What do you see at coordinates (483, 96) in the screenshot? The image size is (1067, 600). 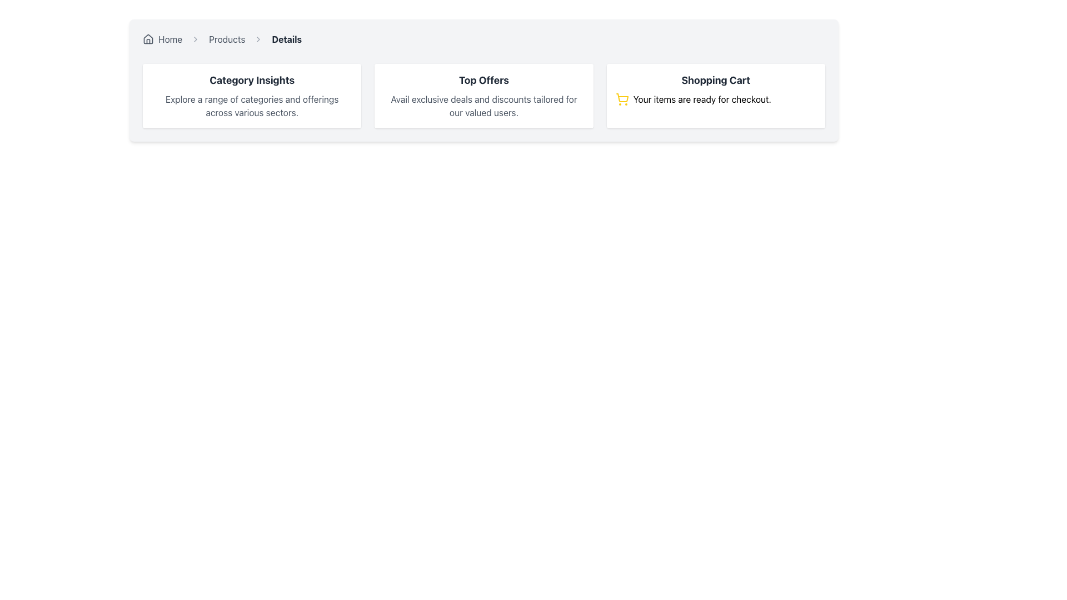 I see `the 'Top Offers' informational card element, which has a white background, rounded corners, and displays the text 'Top Offers' at the top and 'Avail exclusive deals and discounts tailored for our valued users.' centered inside` at bounding box center [483, 96].